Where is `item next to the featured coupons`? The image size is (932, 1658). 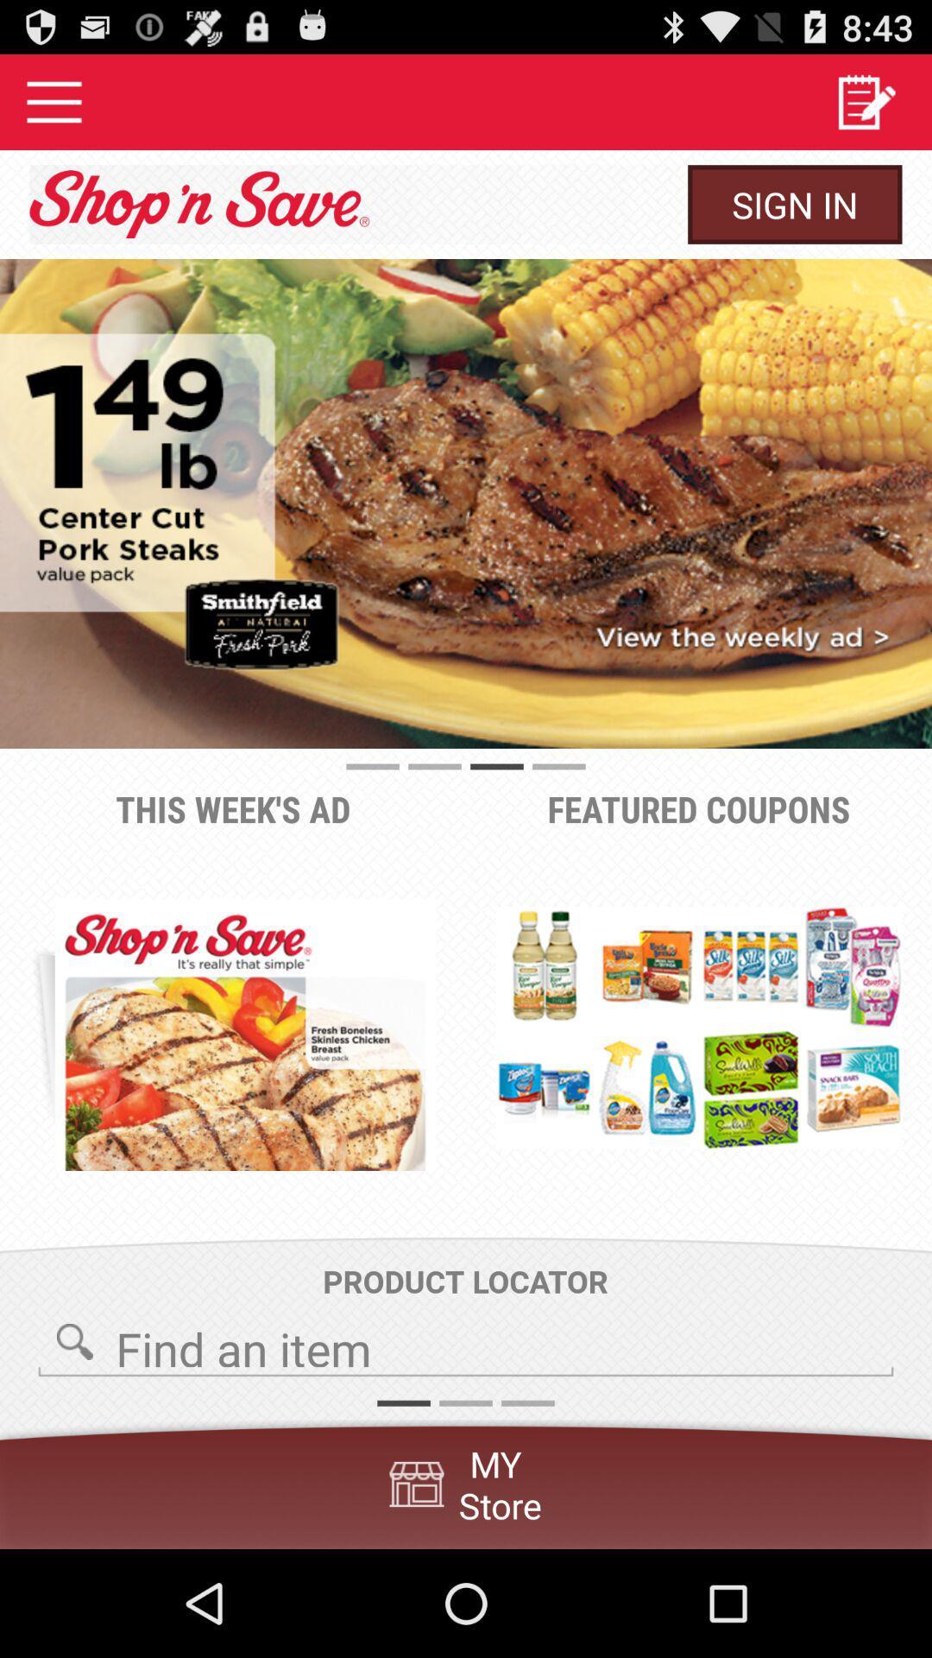
item next to the featured coupons is located at coordinates (245, 1035).